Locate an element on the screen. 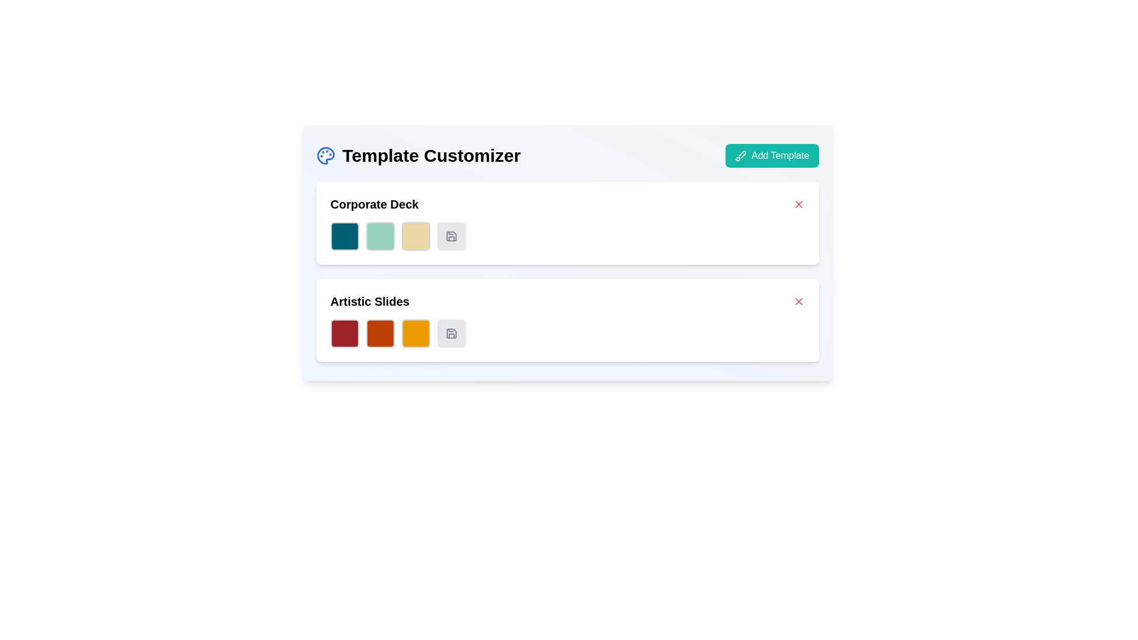  the save or lock button located in the 'Corporate Deck' section, which is the fourth button in a horizontal group next to three colored square elements is located at coordinates (450, 236).